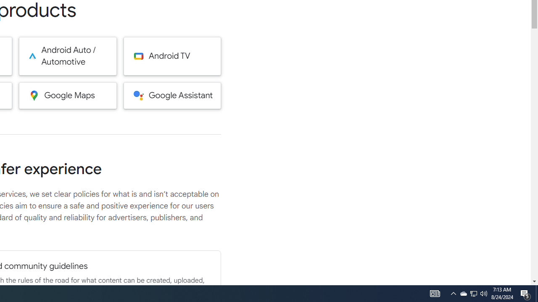 This screenshot has height=302, width=538. I want to click on 'Android TV', so click(172, 56).